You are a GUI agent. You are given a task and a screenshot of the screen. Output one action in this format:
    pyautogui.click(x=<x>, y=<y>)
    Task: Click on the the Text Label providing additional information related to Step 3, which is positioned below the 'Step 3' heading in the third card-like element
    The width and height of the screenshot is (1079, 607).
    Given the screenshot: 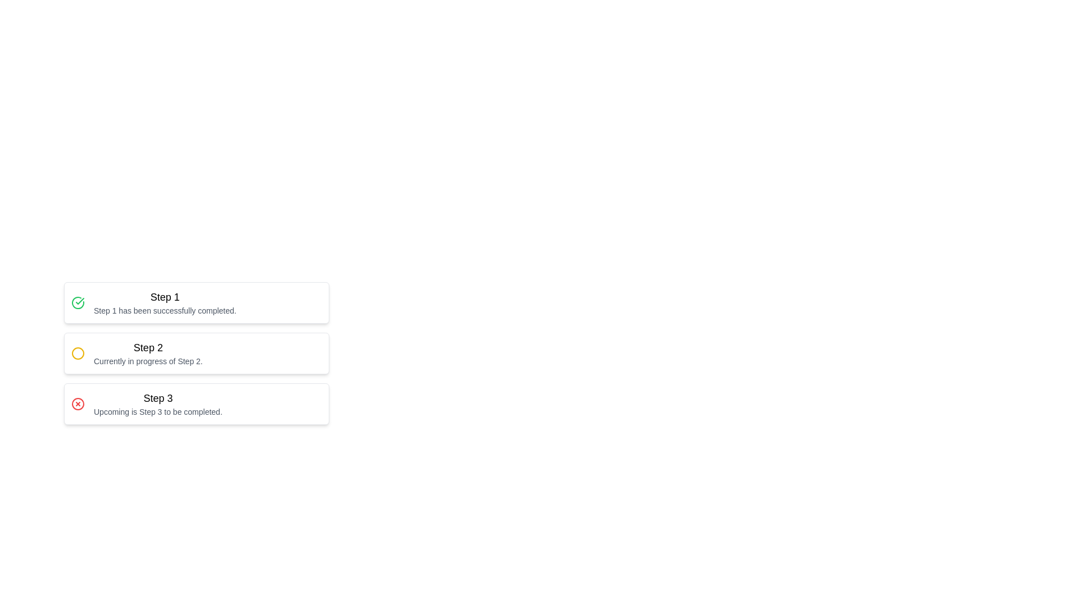 What is the action you would take?
    pyautogui.click(x=157, y=411)
    